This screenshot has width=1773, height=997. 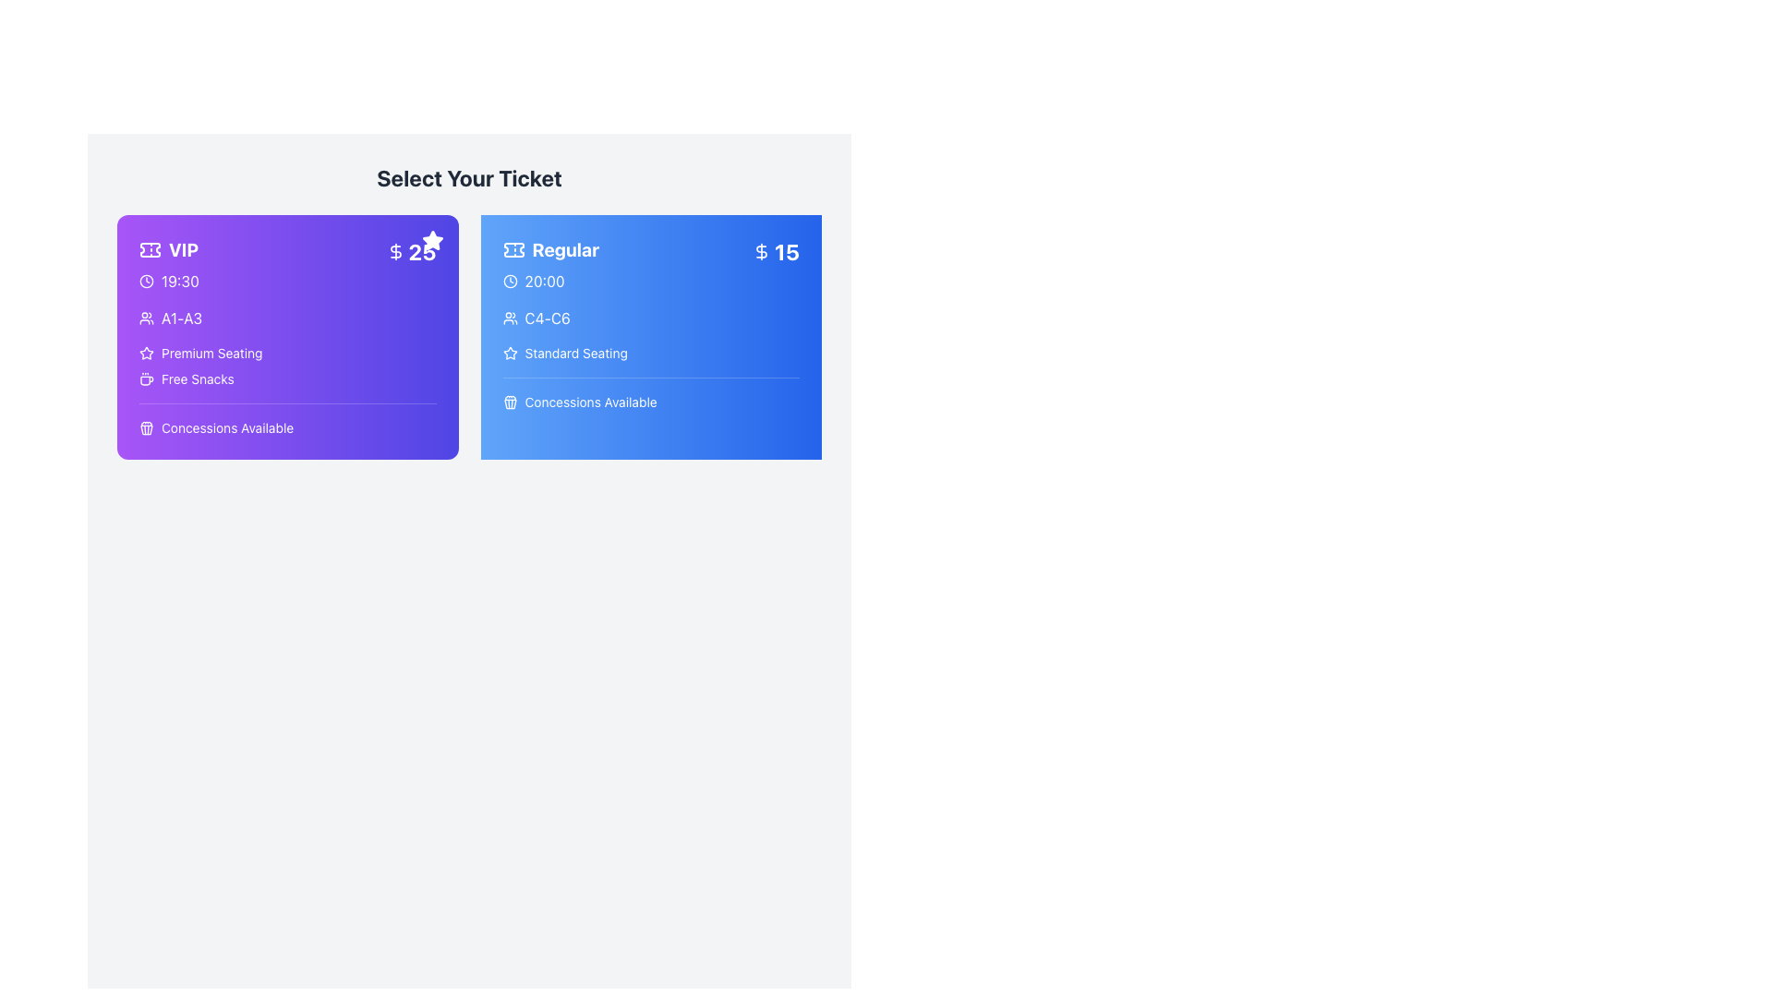 I want to click on the text label with an icon that informs users about concessions available for the 'Regular' ticket category, located within the blue card labeled 'Regular' at the bottom section below the seating information, so click(x=651, y=401).